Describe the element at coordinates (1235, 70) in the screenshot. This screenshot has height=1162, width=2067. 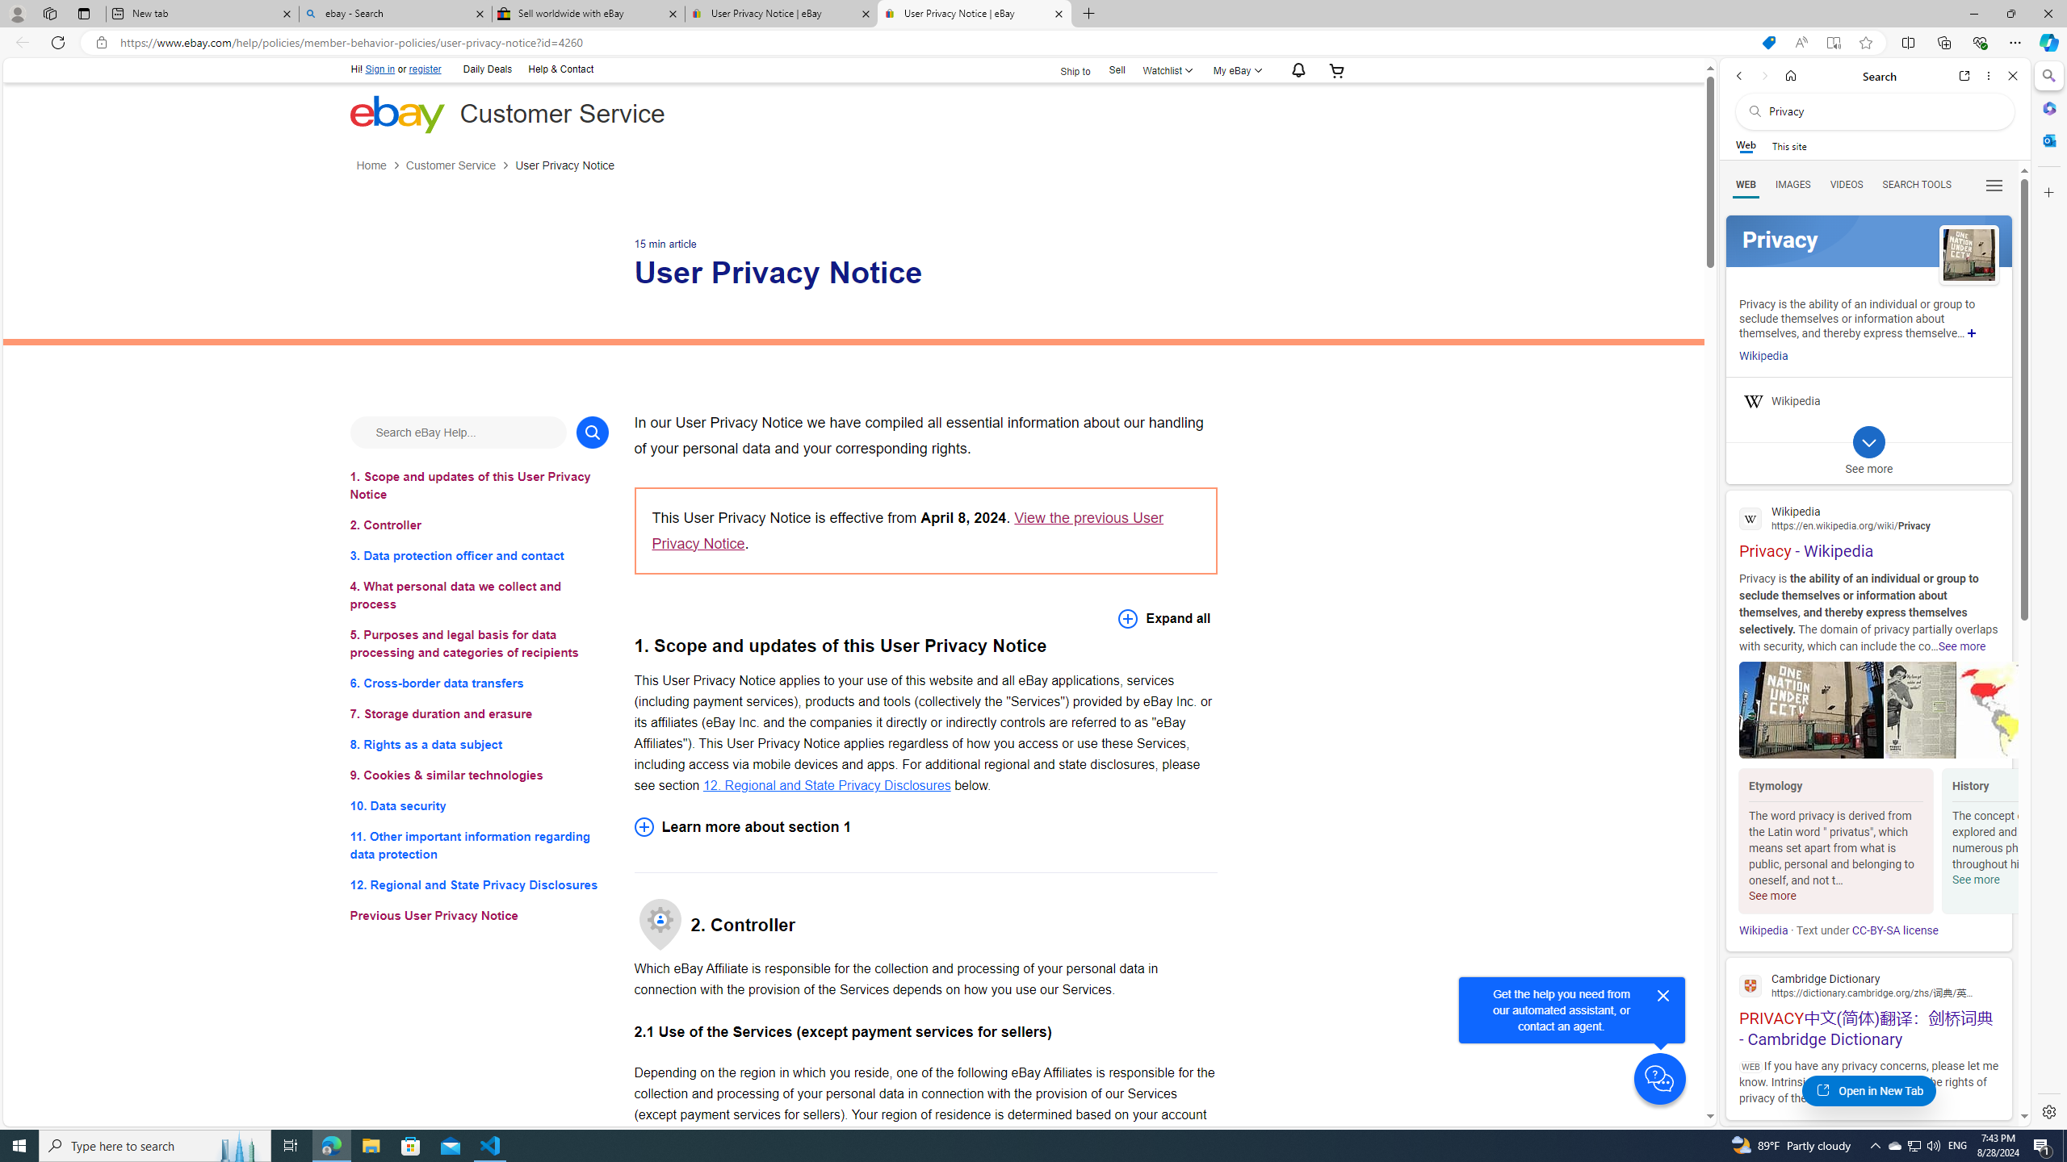
I see `'My eBay'` at that location.